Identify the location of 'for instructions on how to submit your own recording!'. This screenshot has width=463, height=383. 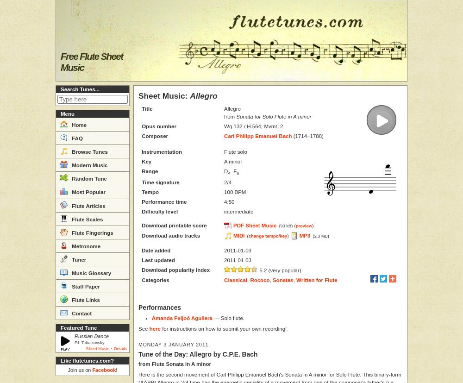
(223, 328).